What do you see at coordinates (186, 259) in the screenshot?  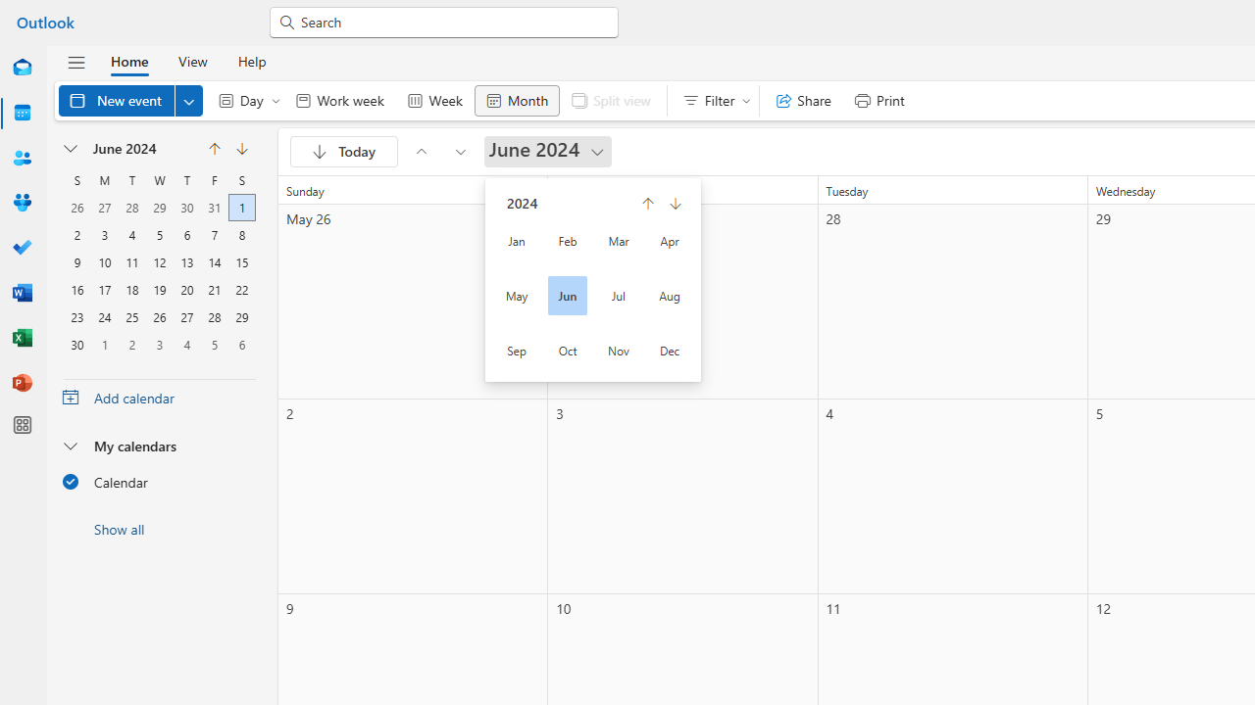 I see `'13, June, 2024'` at bounding box center [186, 259].